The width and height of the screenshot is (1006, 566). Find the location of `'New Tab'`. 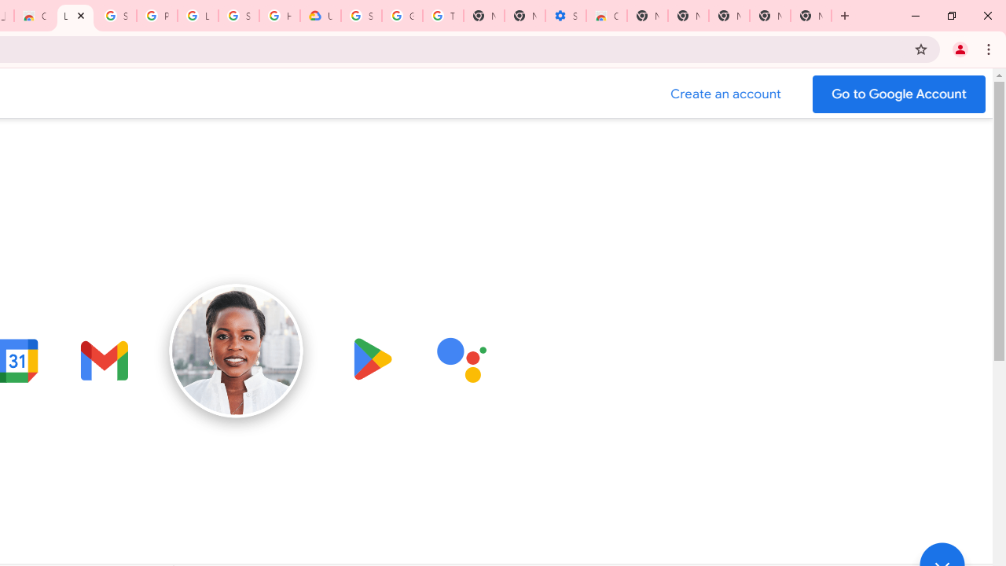

'New Tab' is located at coordinates (811, 16).